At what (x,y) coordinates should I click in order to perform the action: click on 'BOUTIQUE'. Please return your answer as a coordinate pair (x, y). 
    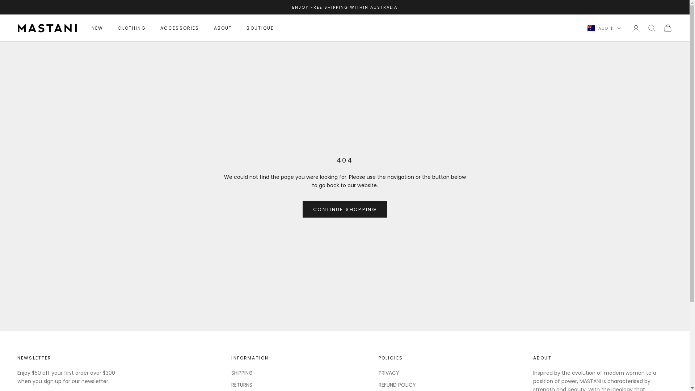
    Looking at the image, I should click on (260, 28).